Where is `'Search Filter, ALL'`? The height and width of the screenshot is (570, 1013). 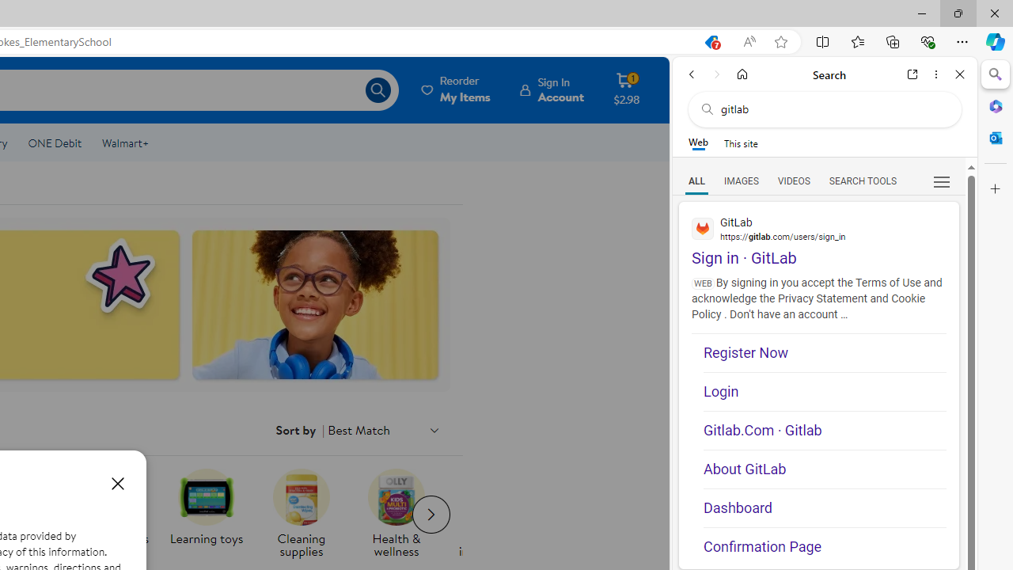 'Search Filter, ALL' is located at coordinates (696, 180).